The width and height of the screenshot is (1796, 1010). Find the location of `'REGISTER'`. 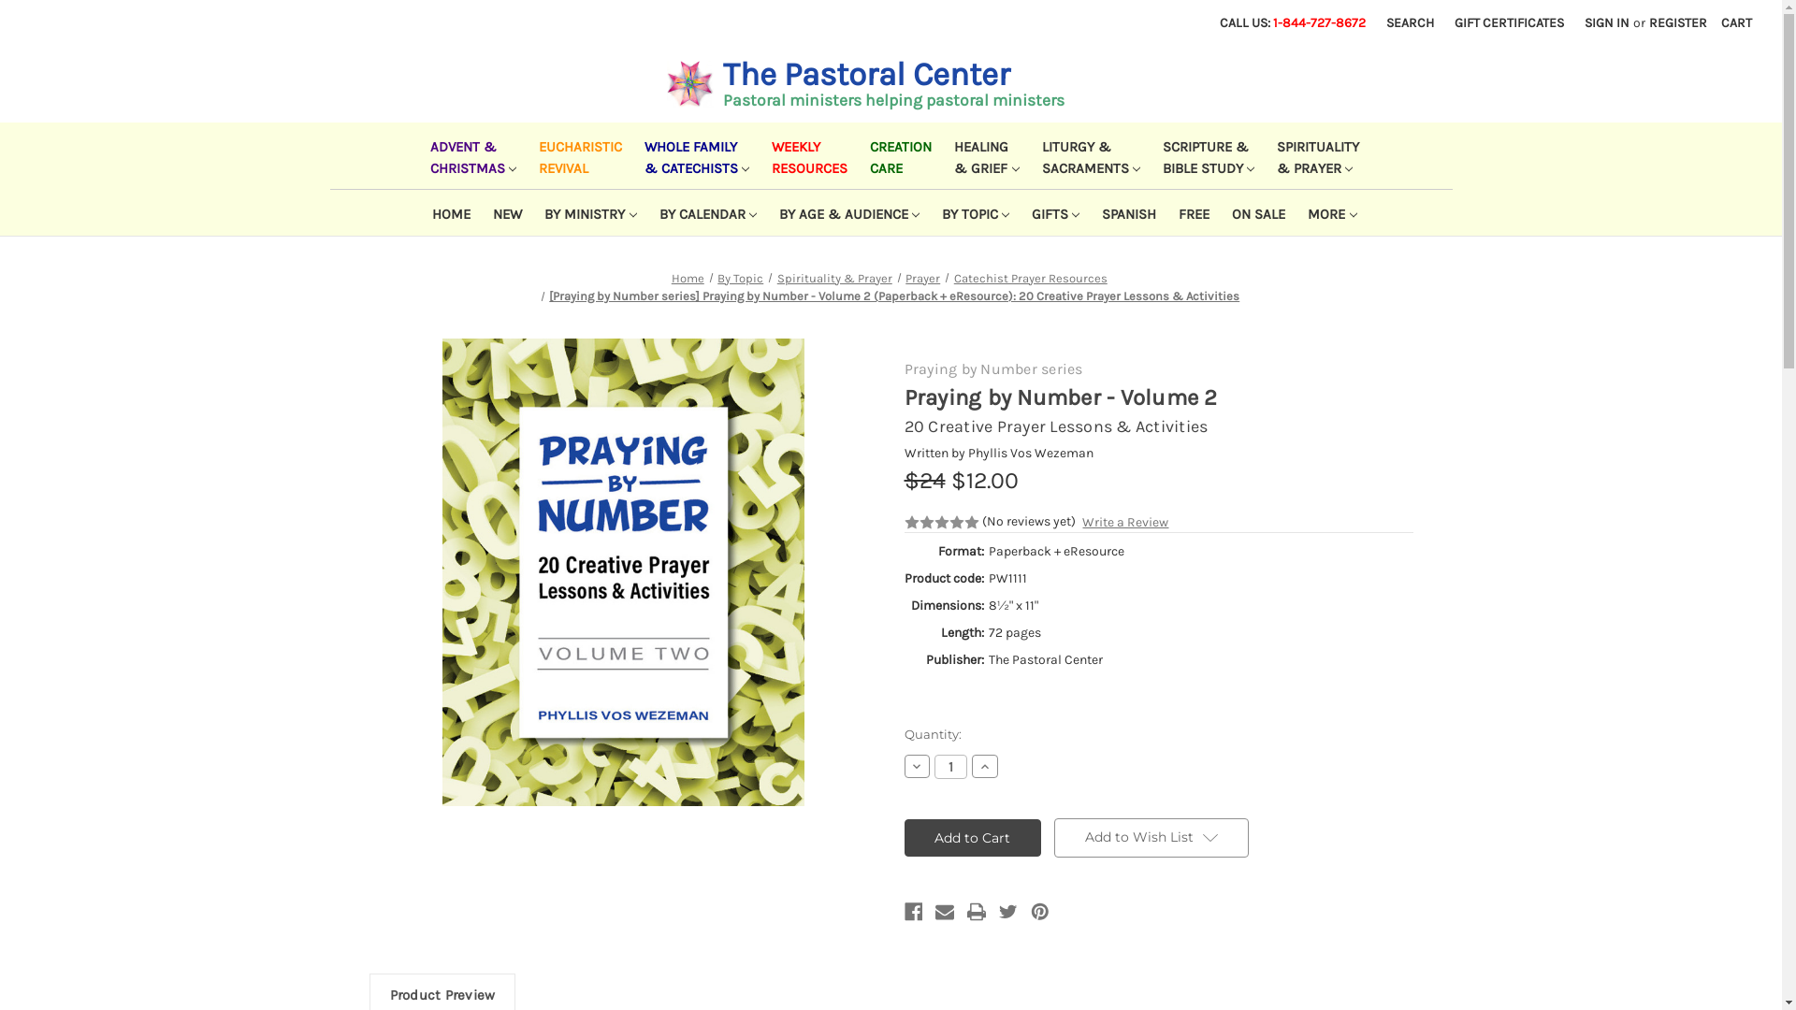

'REGISTER' is located at coordinates (1638, 22).